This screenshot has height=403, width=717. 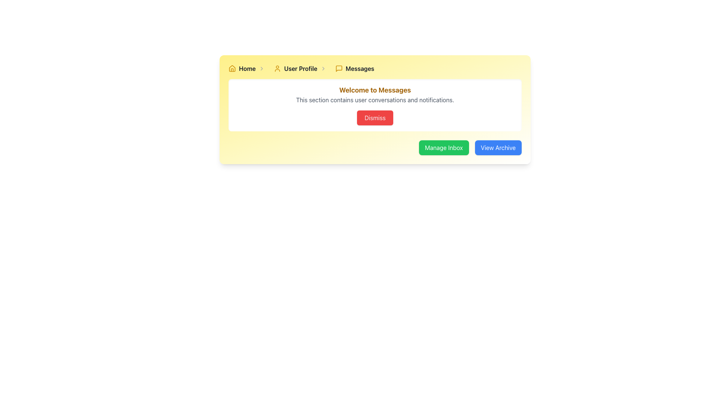 I want to click on the rectangular button with a red background and white text reading 'Dismiss', so click(x=375, y=118).